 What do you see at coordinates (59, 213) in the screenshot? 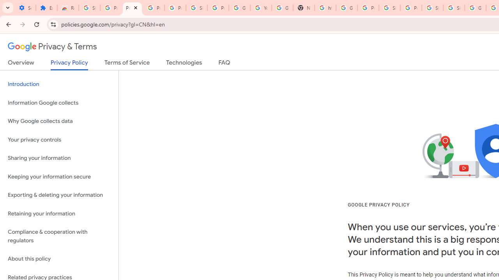
I see `'Retaining your information'` at bounding box center [59, 213].